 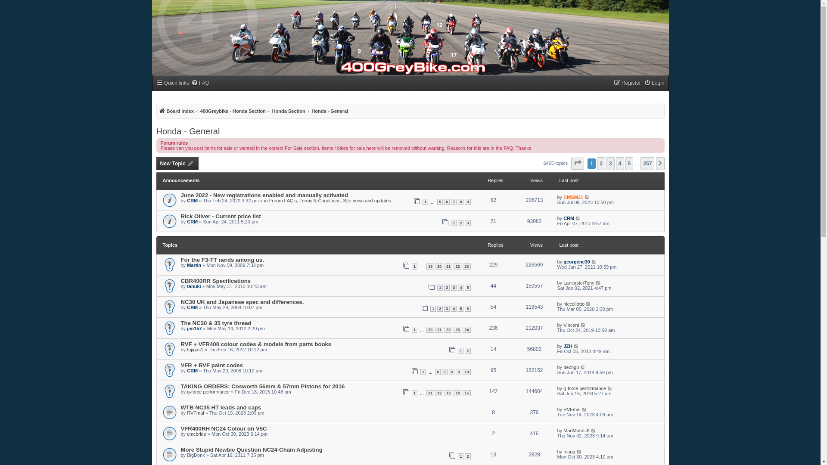 What do you see at coordinates (576, 430) in the screenshot?
I see `'MadMotoUK'` at bounding box center [576, 430].